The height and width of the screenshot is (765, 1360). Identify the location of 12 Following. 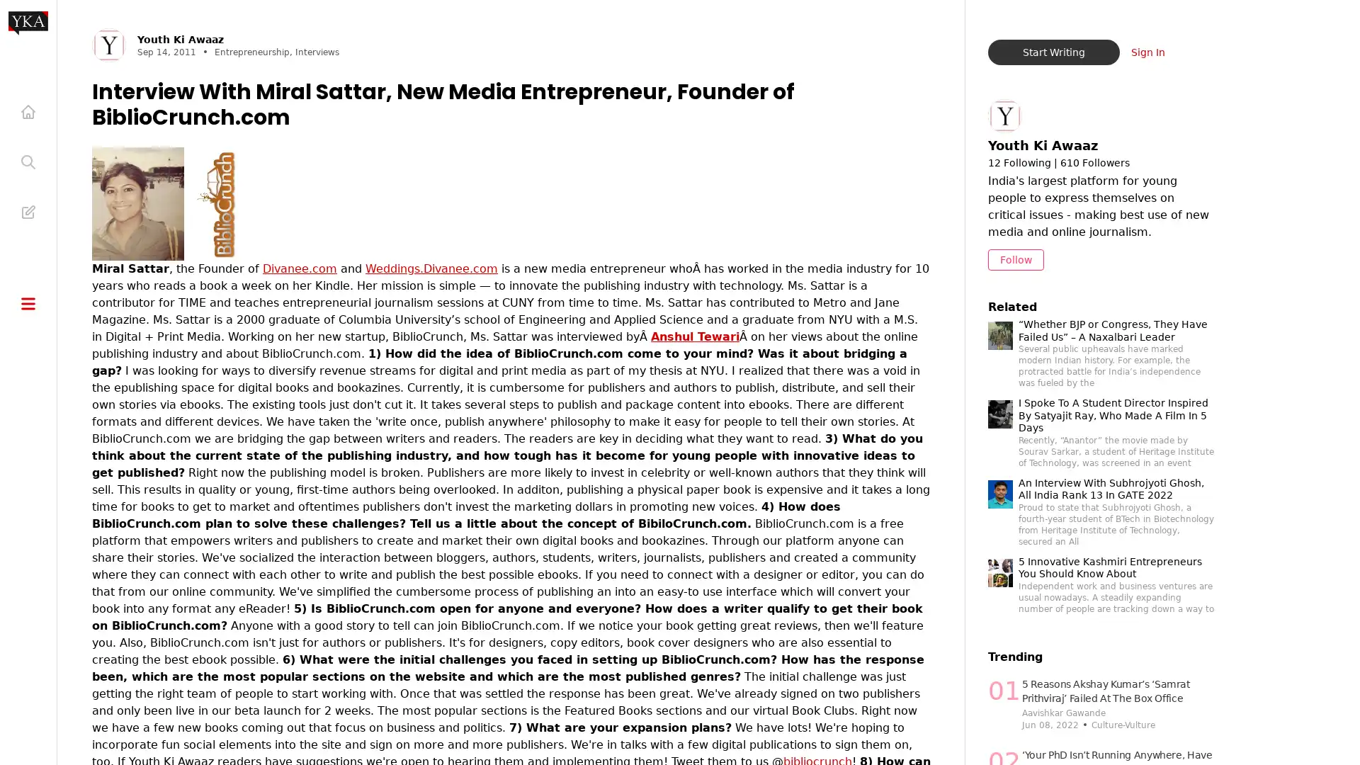
(1018, 162).